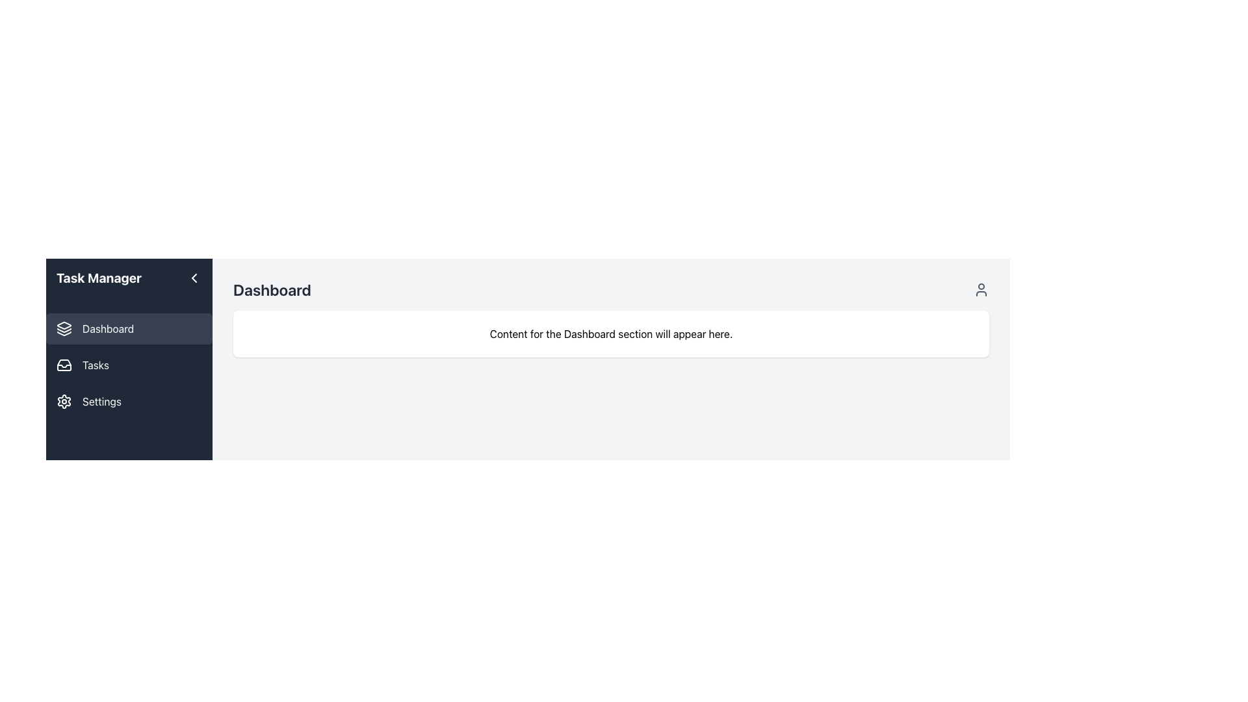 The image size is (1248, 702). Describe the element at coordinates (981, 289) in the screenshot. I see `the user profile icon located in the top-right corner of the content area` at that location.